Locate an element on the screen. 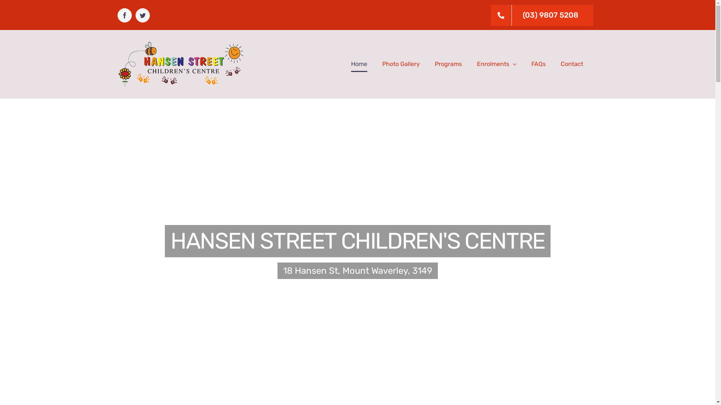 This screenshot has width=721, height=405. 'Enrolments' is located at coordinates (477, 63).